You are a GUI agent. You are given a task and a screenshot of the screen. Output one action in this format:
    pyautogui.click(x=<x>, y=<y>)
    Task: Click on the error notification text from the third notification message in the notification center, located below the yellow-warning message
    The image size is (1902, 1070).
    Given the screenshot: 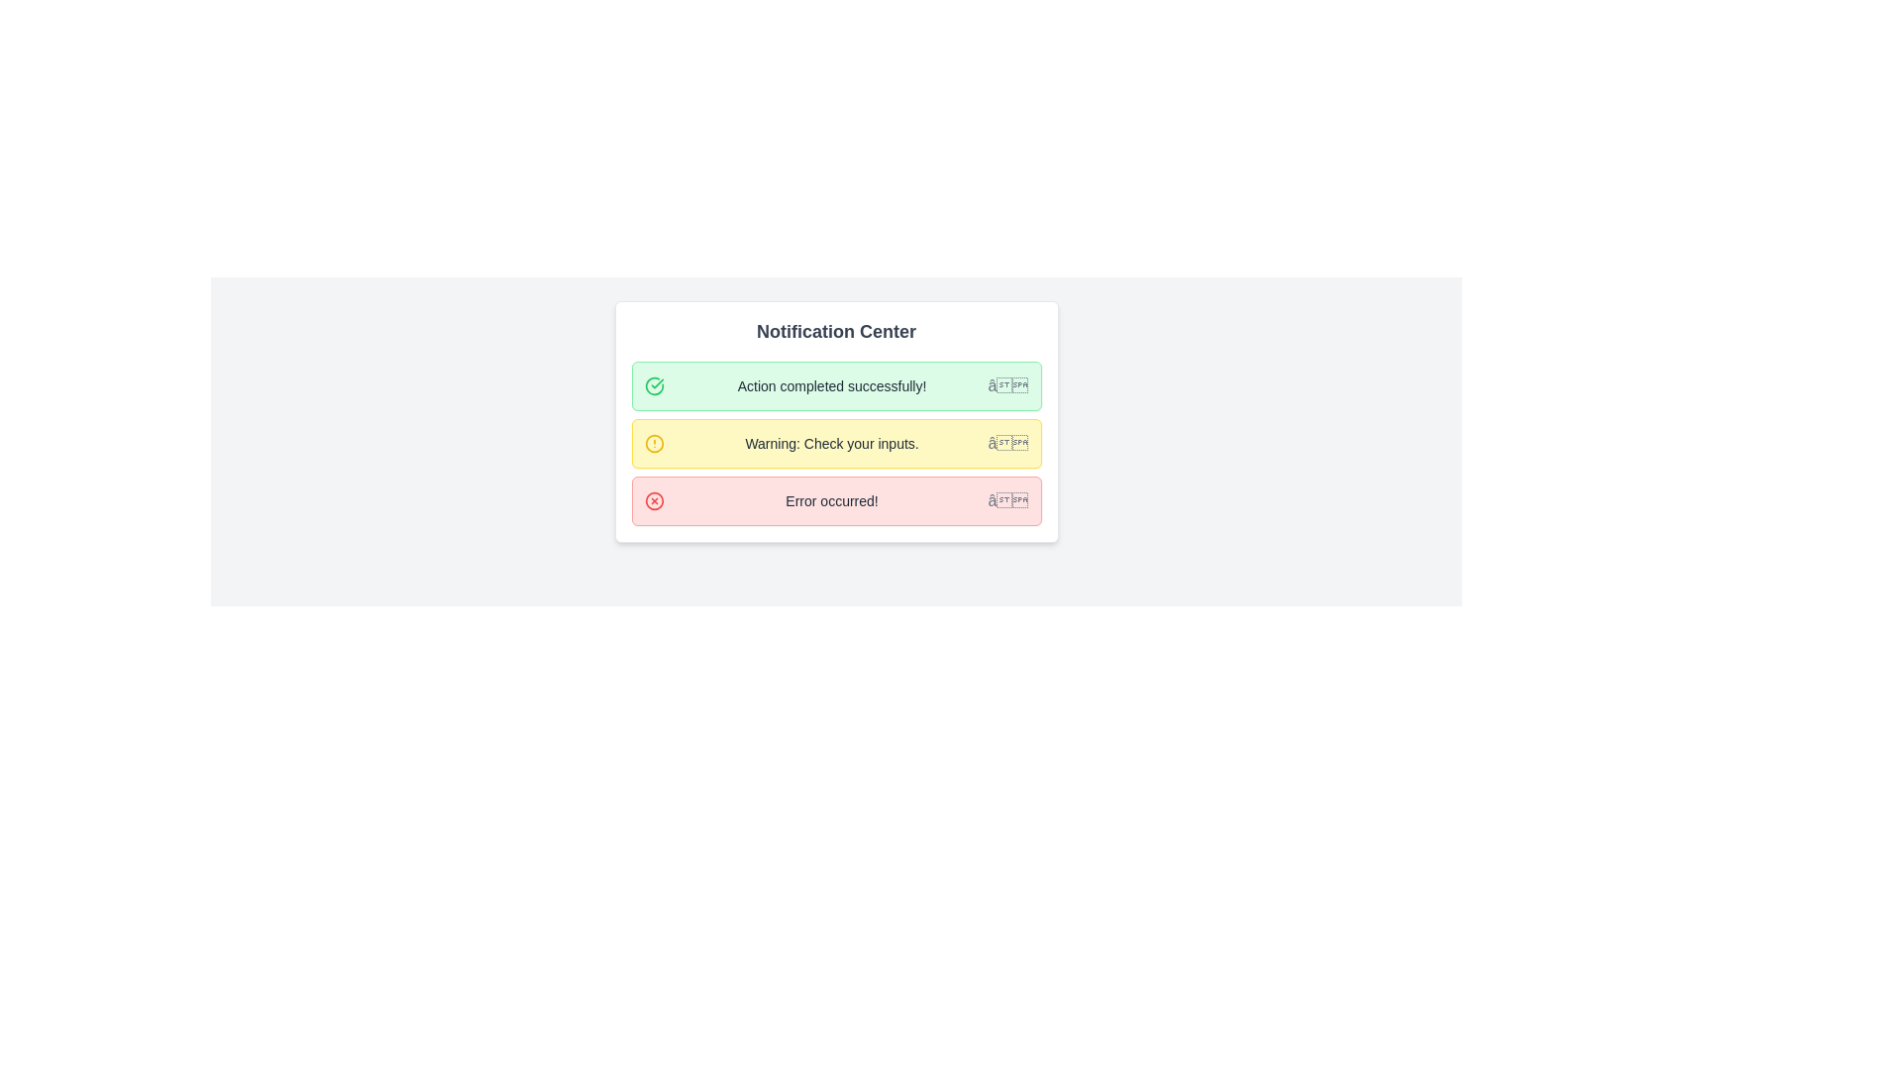 What is the action you would take?
    pyautogui.click(x=836, y=499)
    